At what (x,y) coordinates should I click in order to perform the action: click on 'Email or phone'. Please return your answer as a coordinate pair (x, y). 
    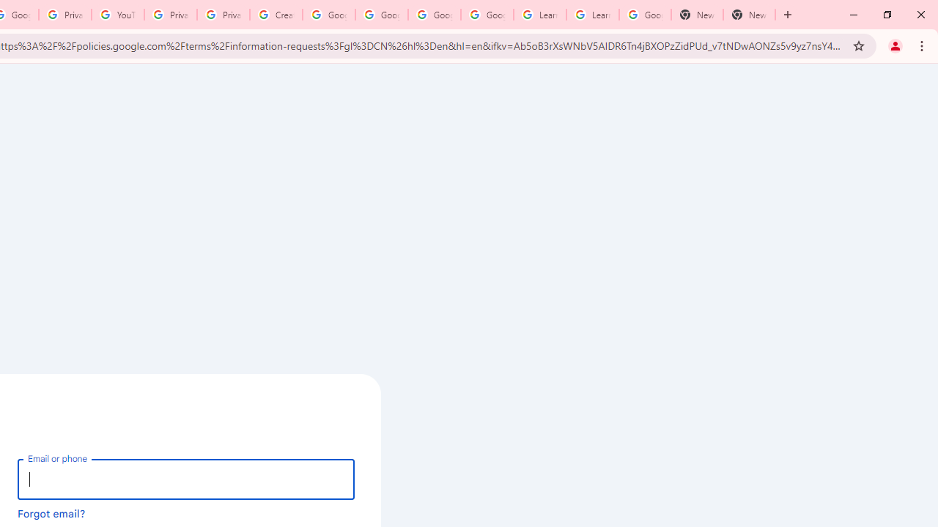
    Looking at the image, I should click on (185, 479).